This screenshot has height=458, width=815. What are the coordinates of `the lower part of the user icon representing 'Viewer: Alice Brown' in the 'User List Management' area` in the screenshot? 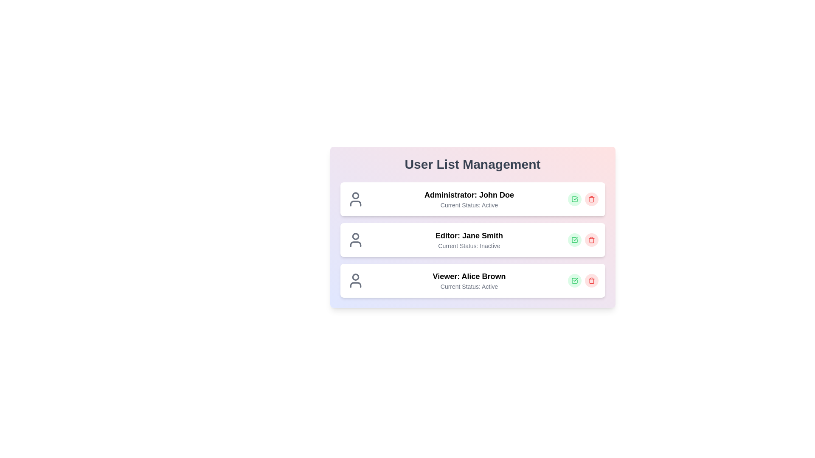 It's located at (355, 285).